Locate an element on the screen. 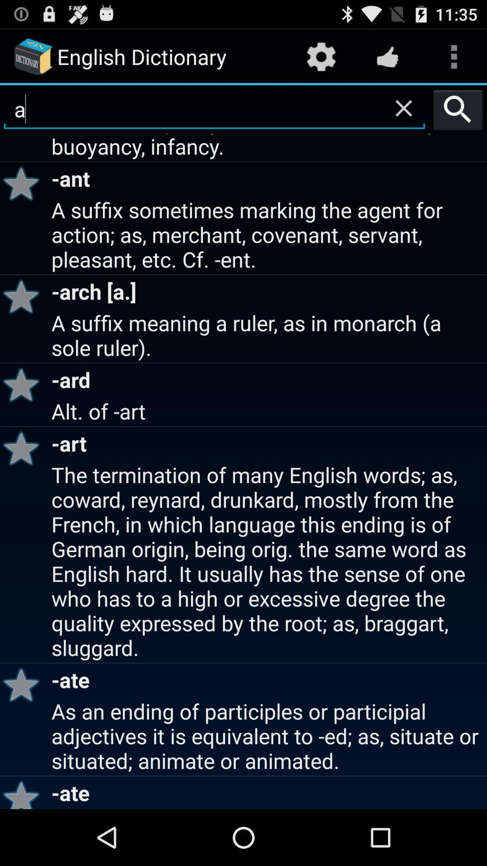  the search icon is located at coordinates (458, 117).